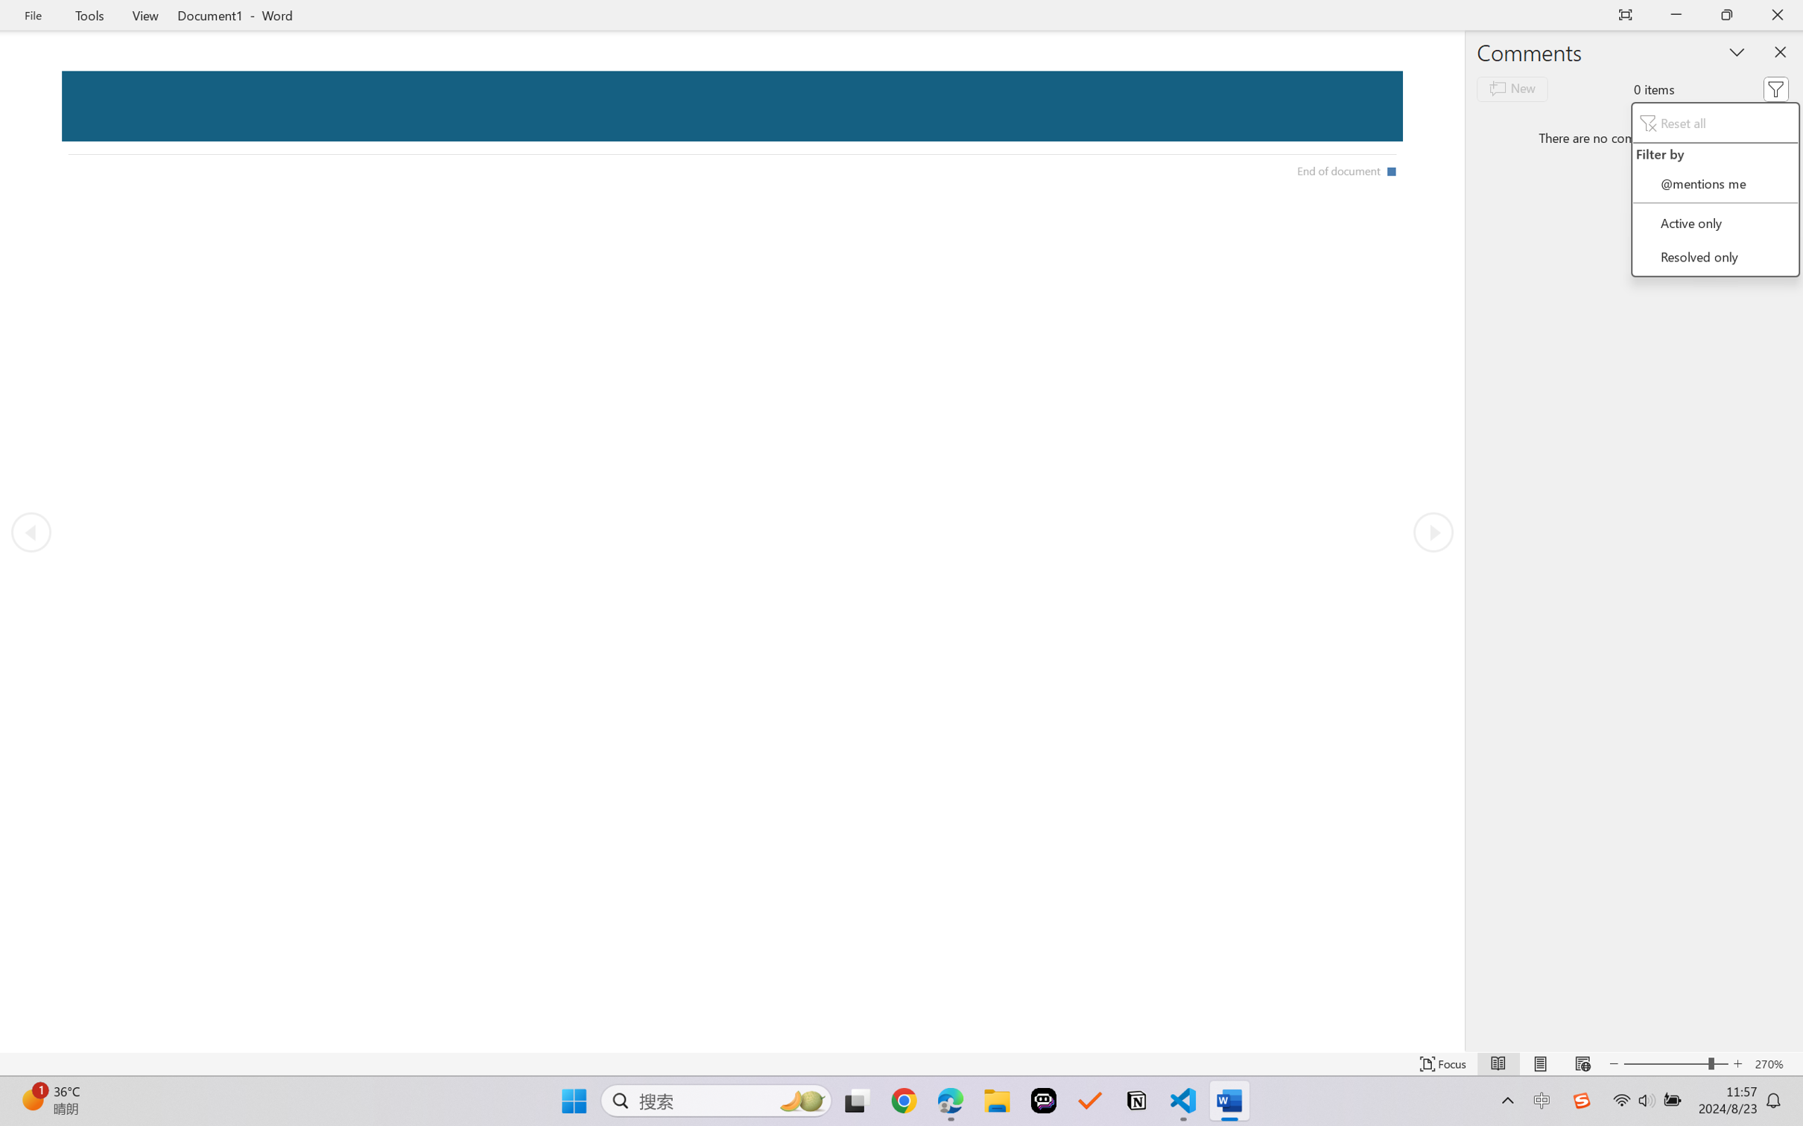 The height and width of the screenshot is (1126, 1803). I want to click on 'Active only', so click(1715, 222).